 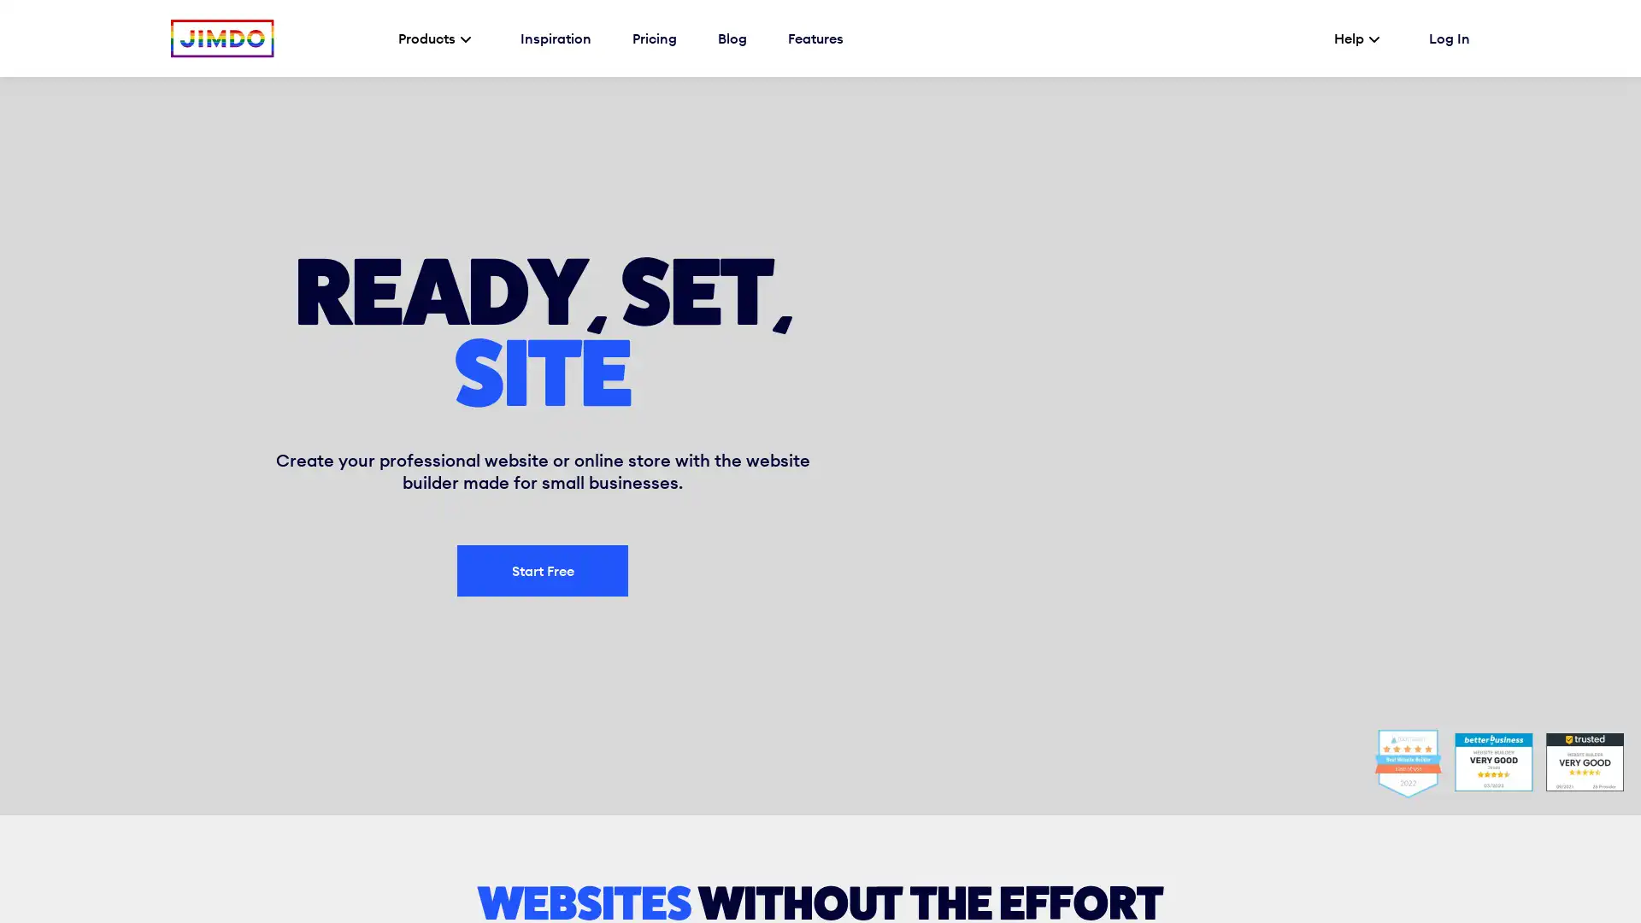 What do you see at coordinates (1377, 885) in the screenshot?
I see `Accept All` at bounding box center [1377, 885].